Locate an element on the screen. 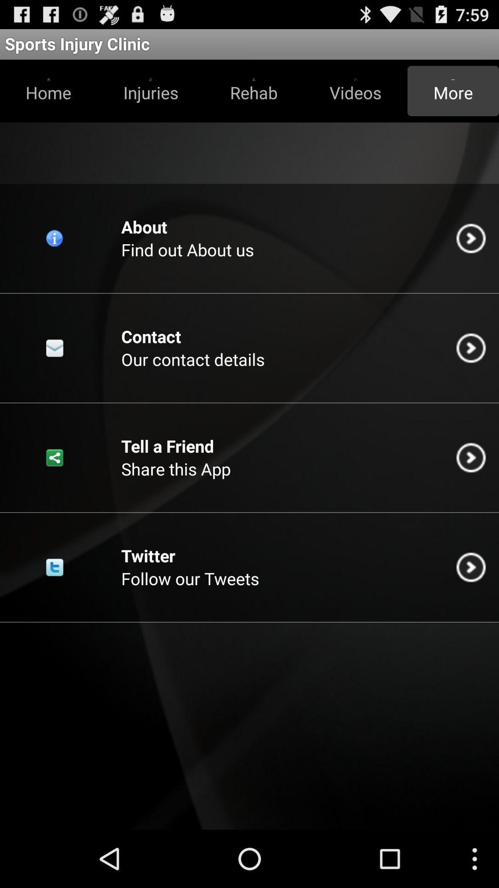  item above the find out about is located at coordinates (254, 91).